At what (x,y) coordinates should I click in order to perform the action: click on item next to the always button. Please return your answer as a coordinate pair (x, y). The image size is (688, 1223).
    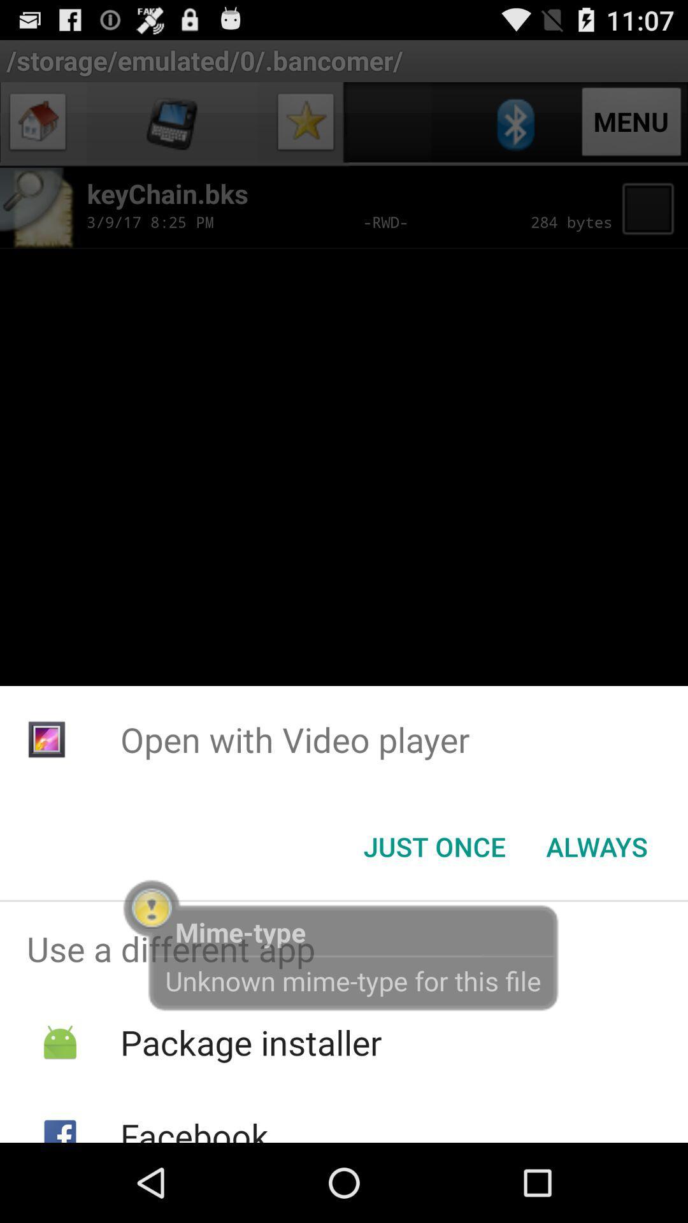
    Looking at the image, I should click on (434, 847).